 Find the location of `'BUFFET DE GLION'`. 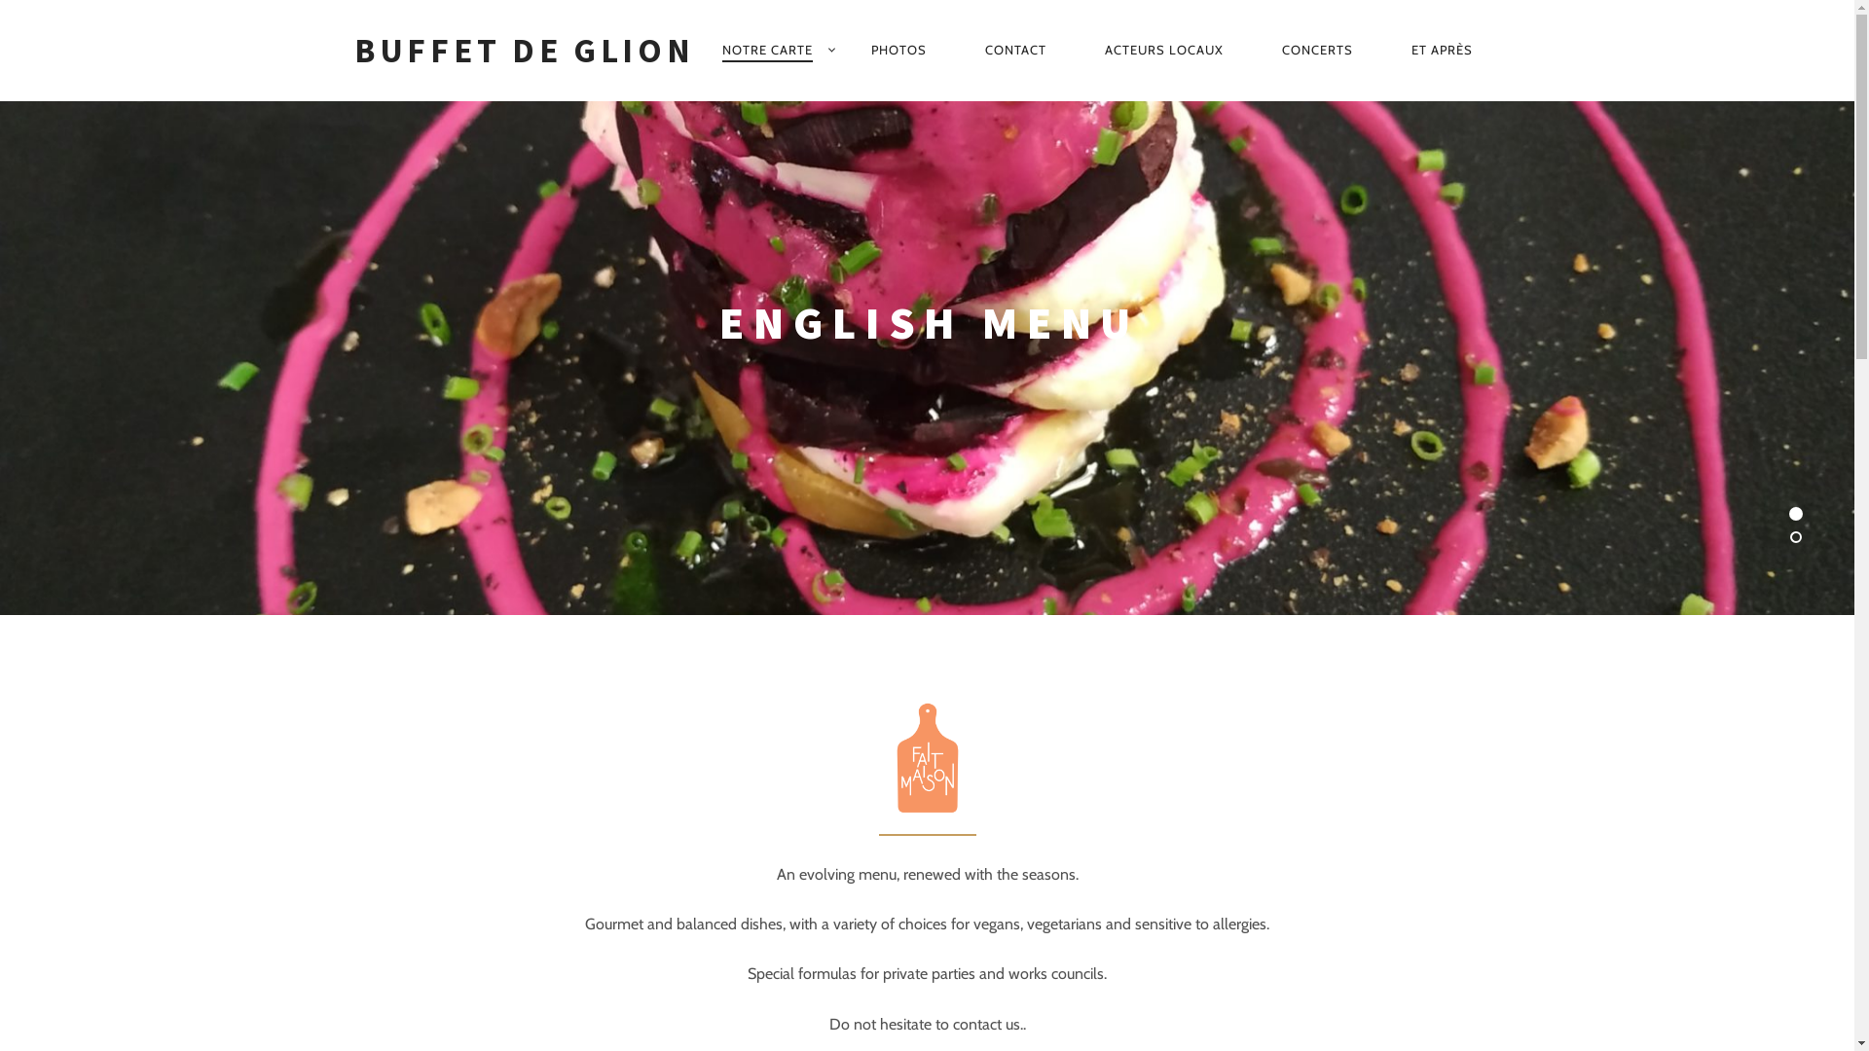

'BUFFET DE GLION' is located at coordinates (524, 49).